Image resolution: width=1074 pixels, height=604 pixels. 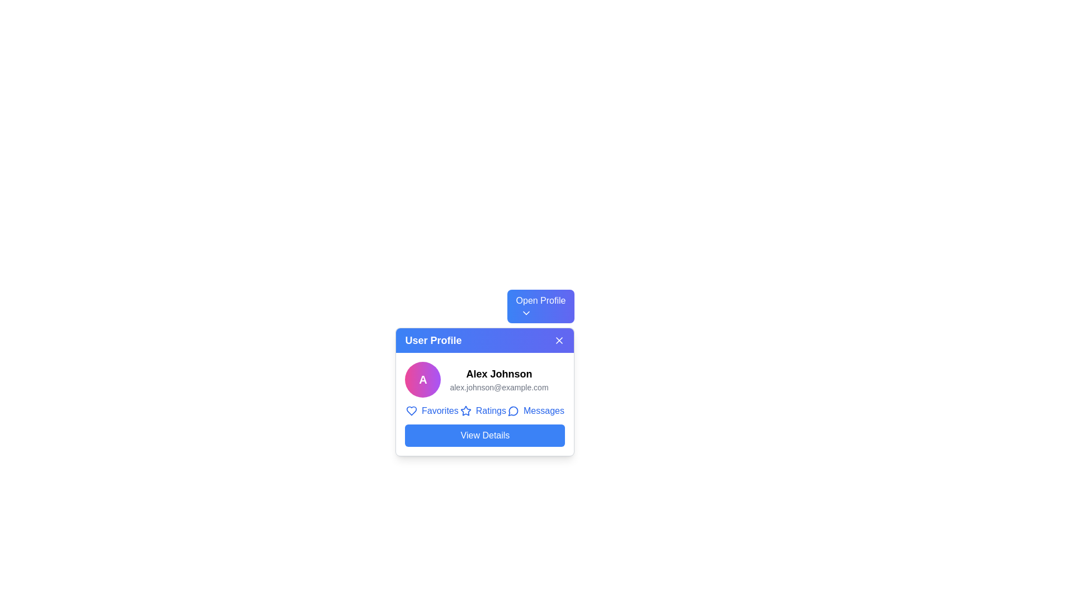 I want to click on the 'Messages' text link, which is styled in blue and located in the 'User Profile' section to the right of the 'Ratings' option, so click(x=544, y=411).